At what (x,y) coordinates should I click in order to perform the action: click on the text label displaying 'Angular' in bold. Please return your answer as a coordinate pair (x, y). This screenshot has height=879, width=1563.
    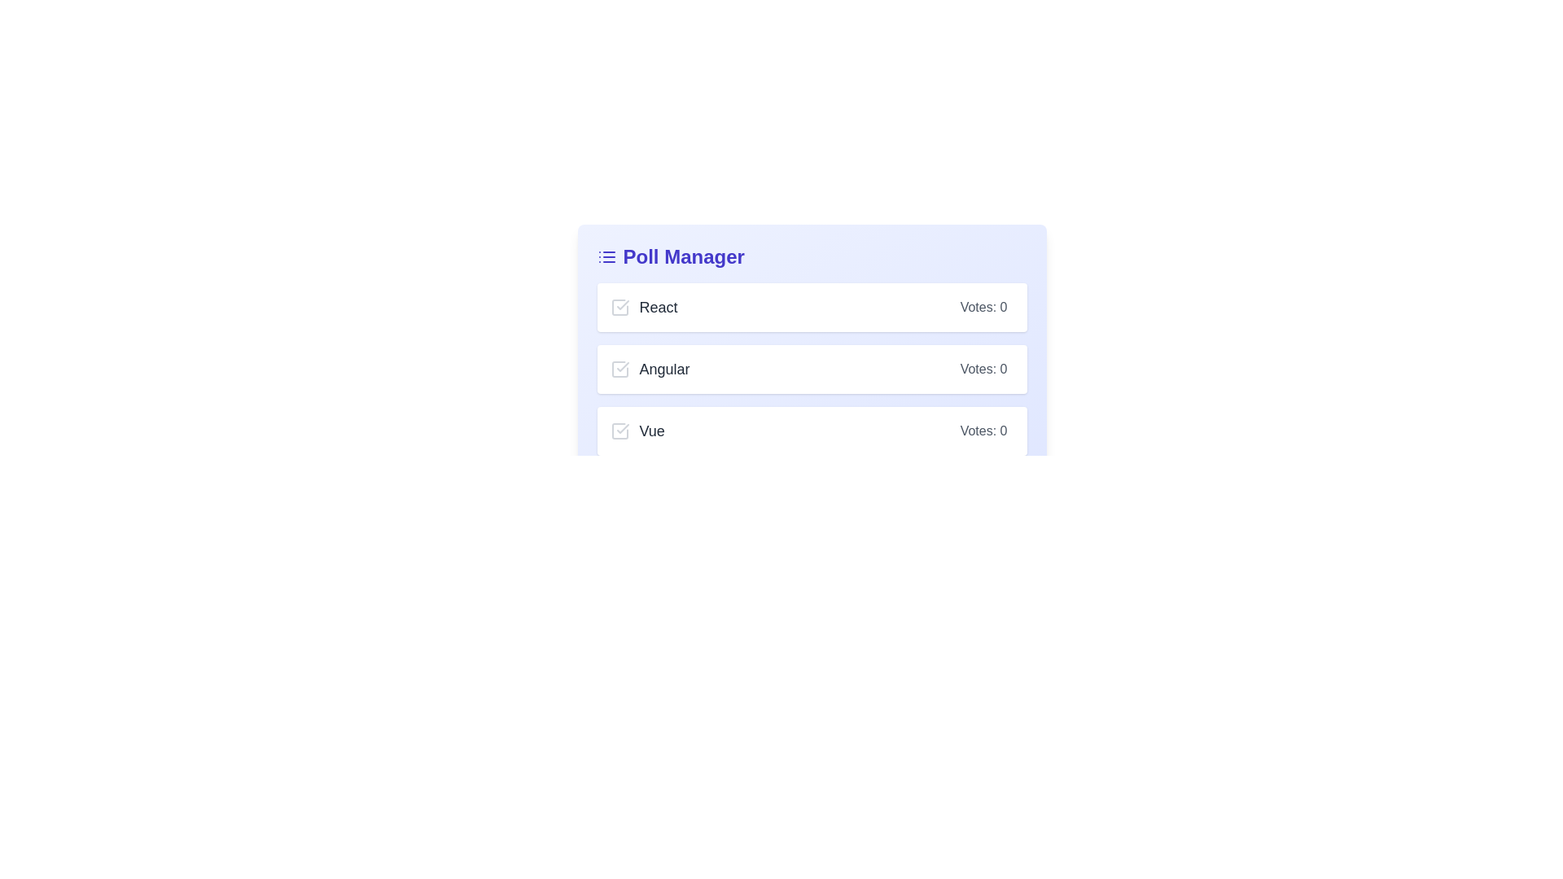
    Looking at the image, I should click on (664, 370).